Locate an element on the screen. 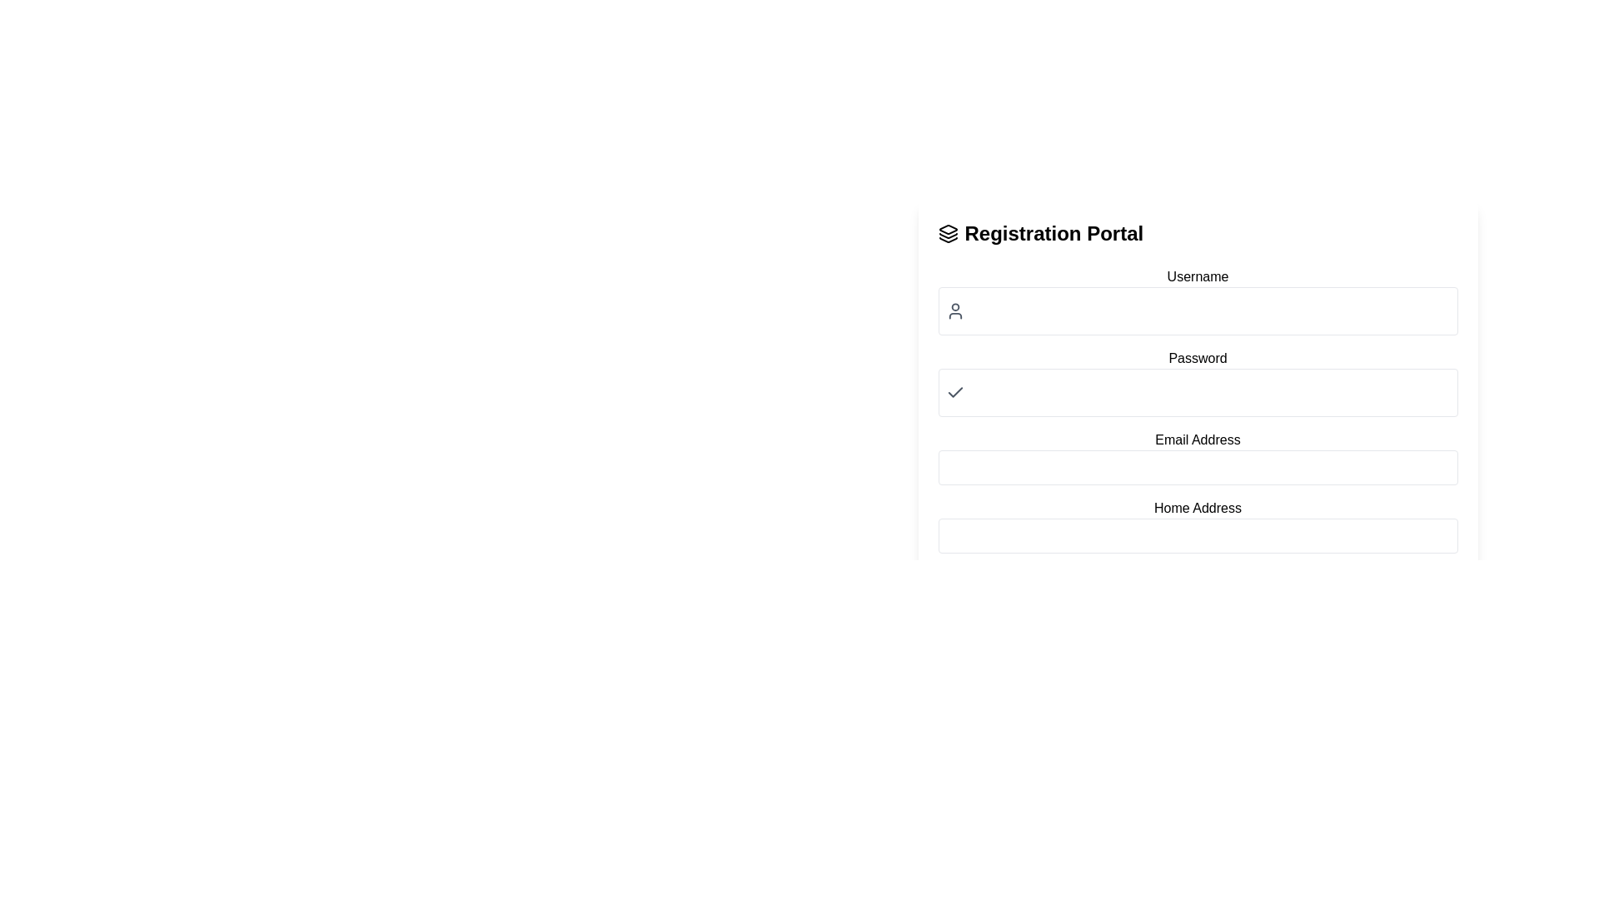  the bottommost layer of the SVG icon representing a stack or layers, located near the 'Registration Portal' text is located at coordinates (948, 240).